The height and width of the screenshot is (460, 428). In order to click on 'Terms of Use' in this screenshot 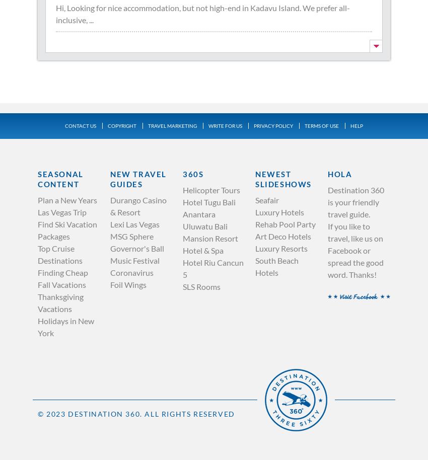, I will do `click(322, 125)`.